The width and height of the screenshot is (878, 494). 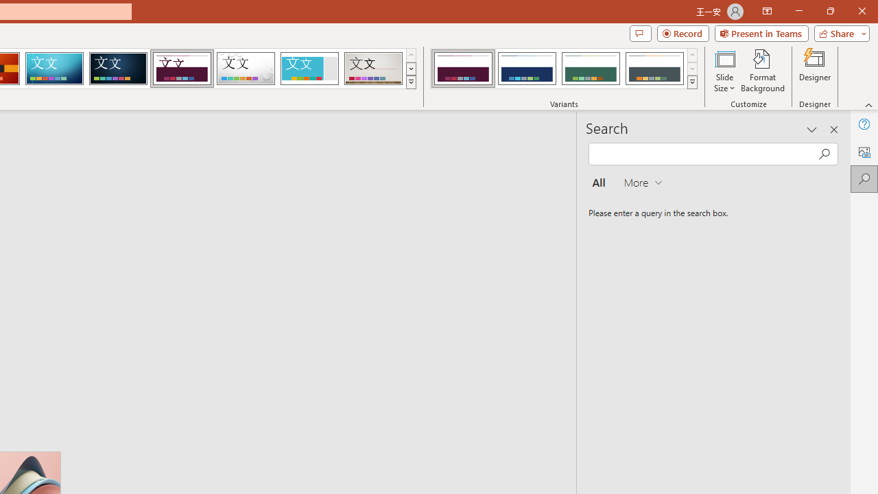 I want to click on 'Themes', so click(x=410, y=82).